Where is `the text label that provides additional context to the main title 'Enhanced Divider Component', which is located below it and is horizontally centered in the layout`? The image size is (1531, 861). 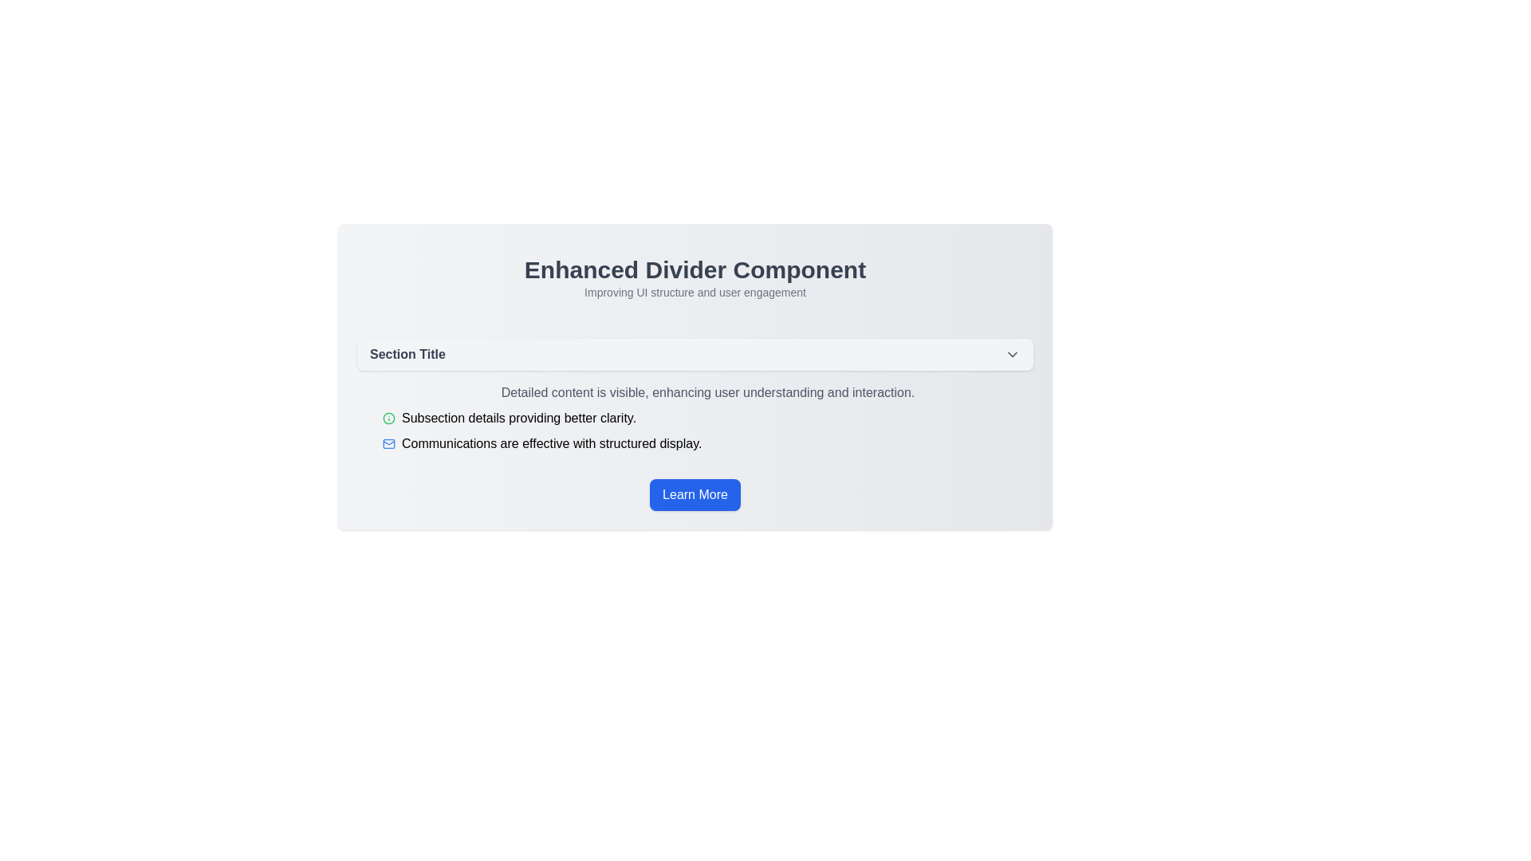 the text label that provides additional context to the main title 'Enhanced Divider Component', which is located below it and is horizontally centered in the layout is located at coordinates (695, 292).